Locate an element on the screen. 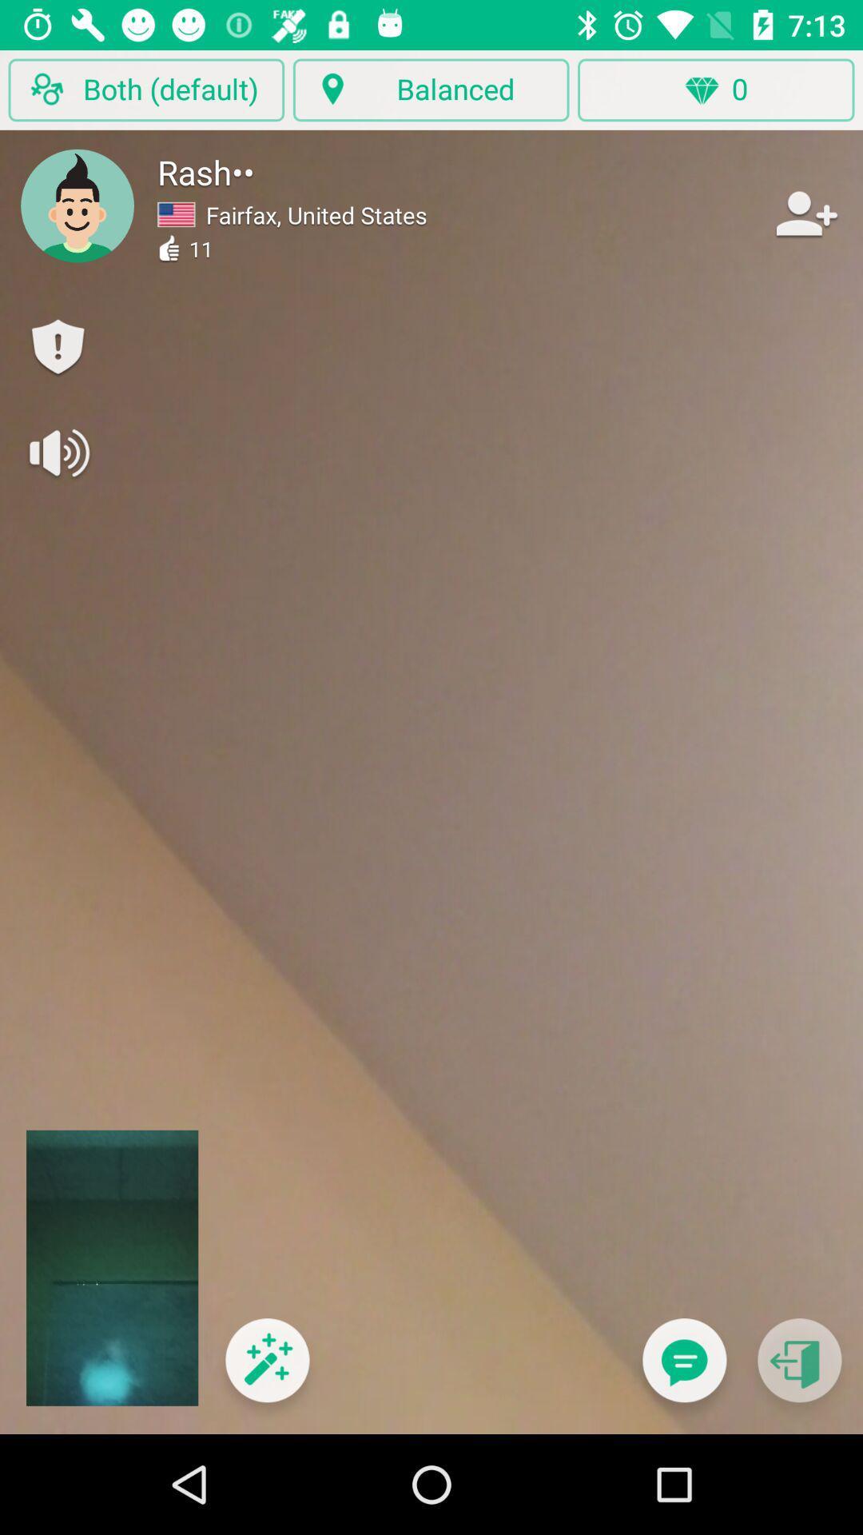 This screenshot has width=863, height=1535. item at the bottom left corner is located at coordinates (266, 1370).